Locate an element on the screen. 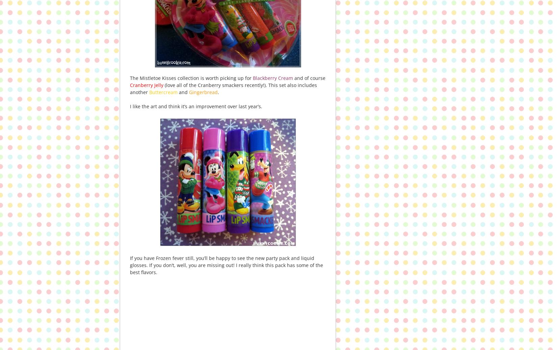 The width and height of the screenshot is (557, 350). '.' is located at coordinates (218, 92).